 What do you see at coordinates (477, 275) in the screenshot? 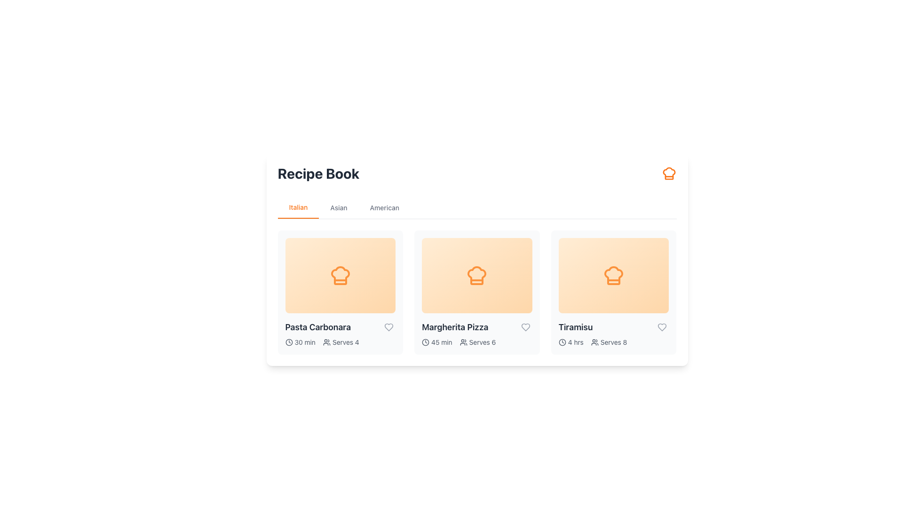
I see `the visual card with a gradient orange background and a chef's hat icon, located in the second position of the recipe cards under the 'Italian' tab` at bounding box center [477, 275].